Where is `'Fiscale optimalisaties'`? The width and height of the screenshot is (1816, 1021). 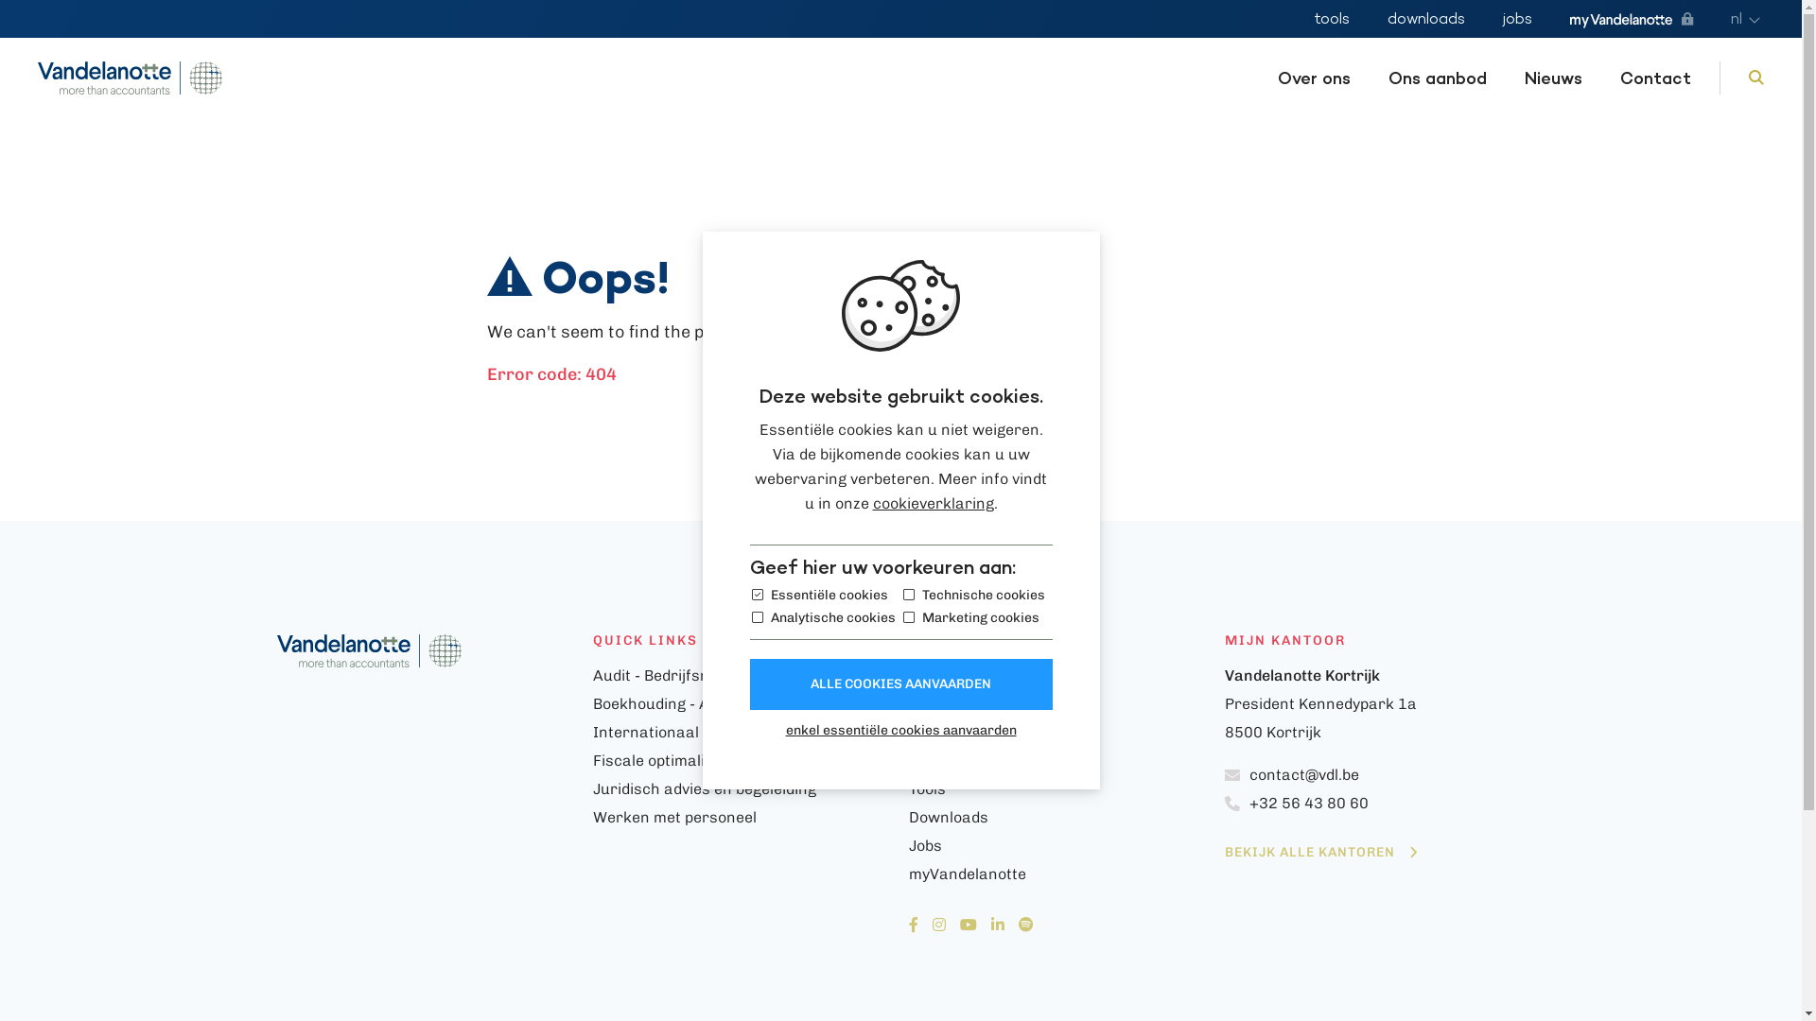 'Fiscale optimalisaties' is located at coordinates (670, 759).